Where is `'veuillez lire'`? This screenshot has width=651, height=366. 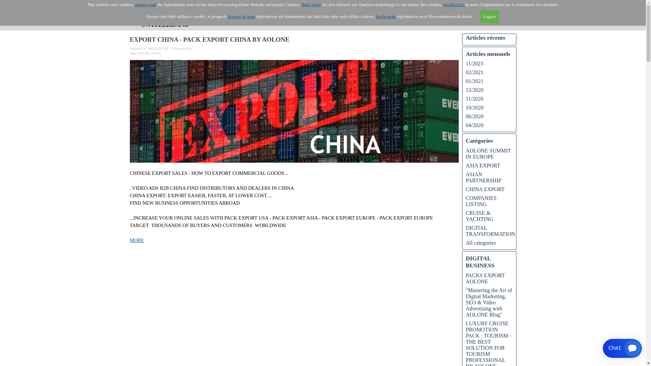
'veuillez lire' is located at coordinates (453, 4).